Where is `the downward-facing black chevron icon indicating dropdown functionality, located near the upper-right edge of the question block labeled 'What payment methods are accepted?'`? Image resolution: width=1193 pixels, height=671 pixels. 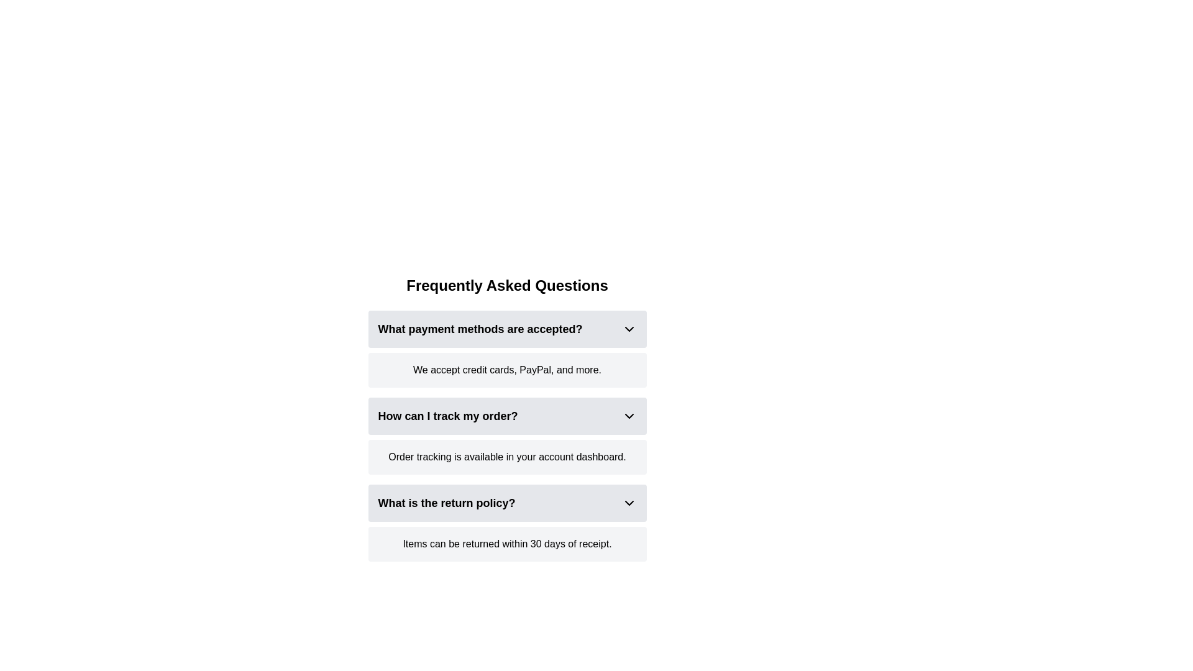
the downward-facing black chevron icon indicating dropdown functionality, located near the upper-right edge of the question block labeled 'What payment methods are accepted?' is located at coordinates (629, 328).